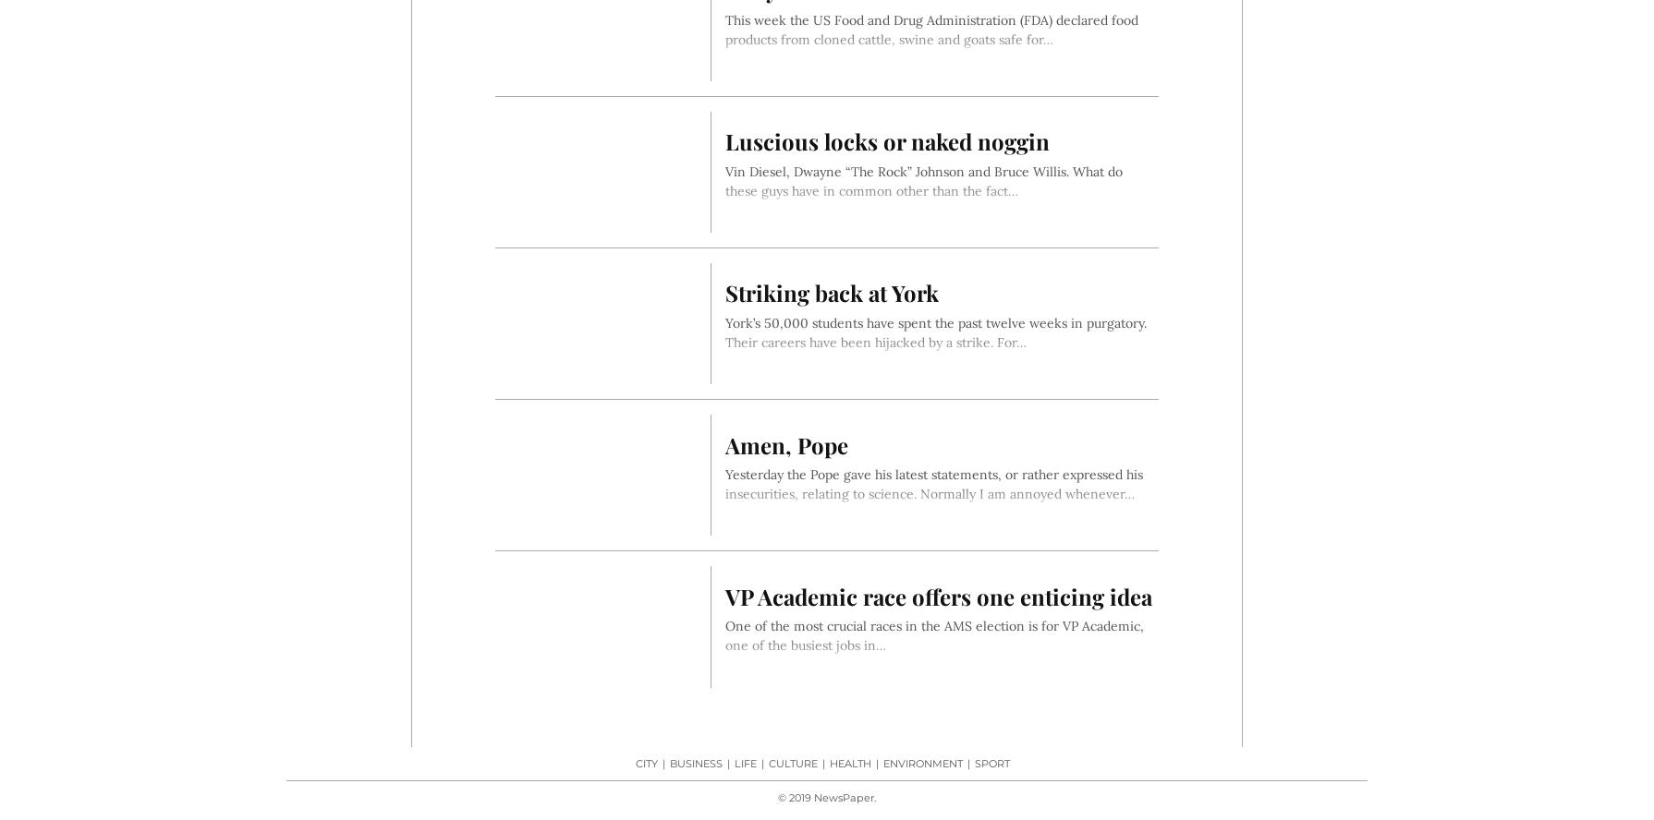 The height and width of the screenshot is (820, 1654). What do you see at coordinates (934, 635) in the screenshot?
I see `'One of the most crucial races in the AMS election is for VP Academic, one of the busiest jobs in…'` at bounding box center [934, 635].